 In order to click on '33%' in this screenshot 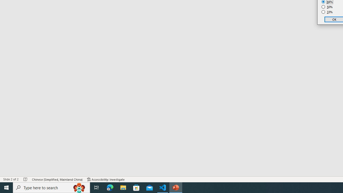, I will do `click(327, 12)`.